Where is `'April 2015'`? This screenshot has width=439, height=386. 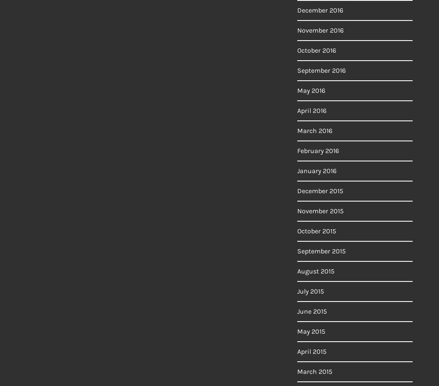 'April 2015' is located at coordinates (297, 351).